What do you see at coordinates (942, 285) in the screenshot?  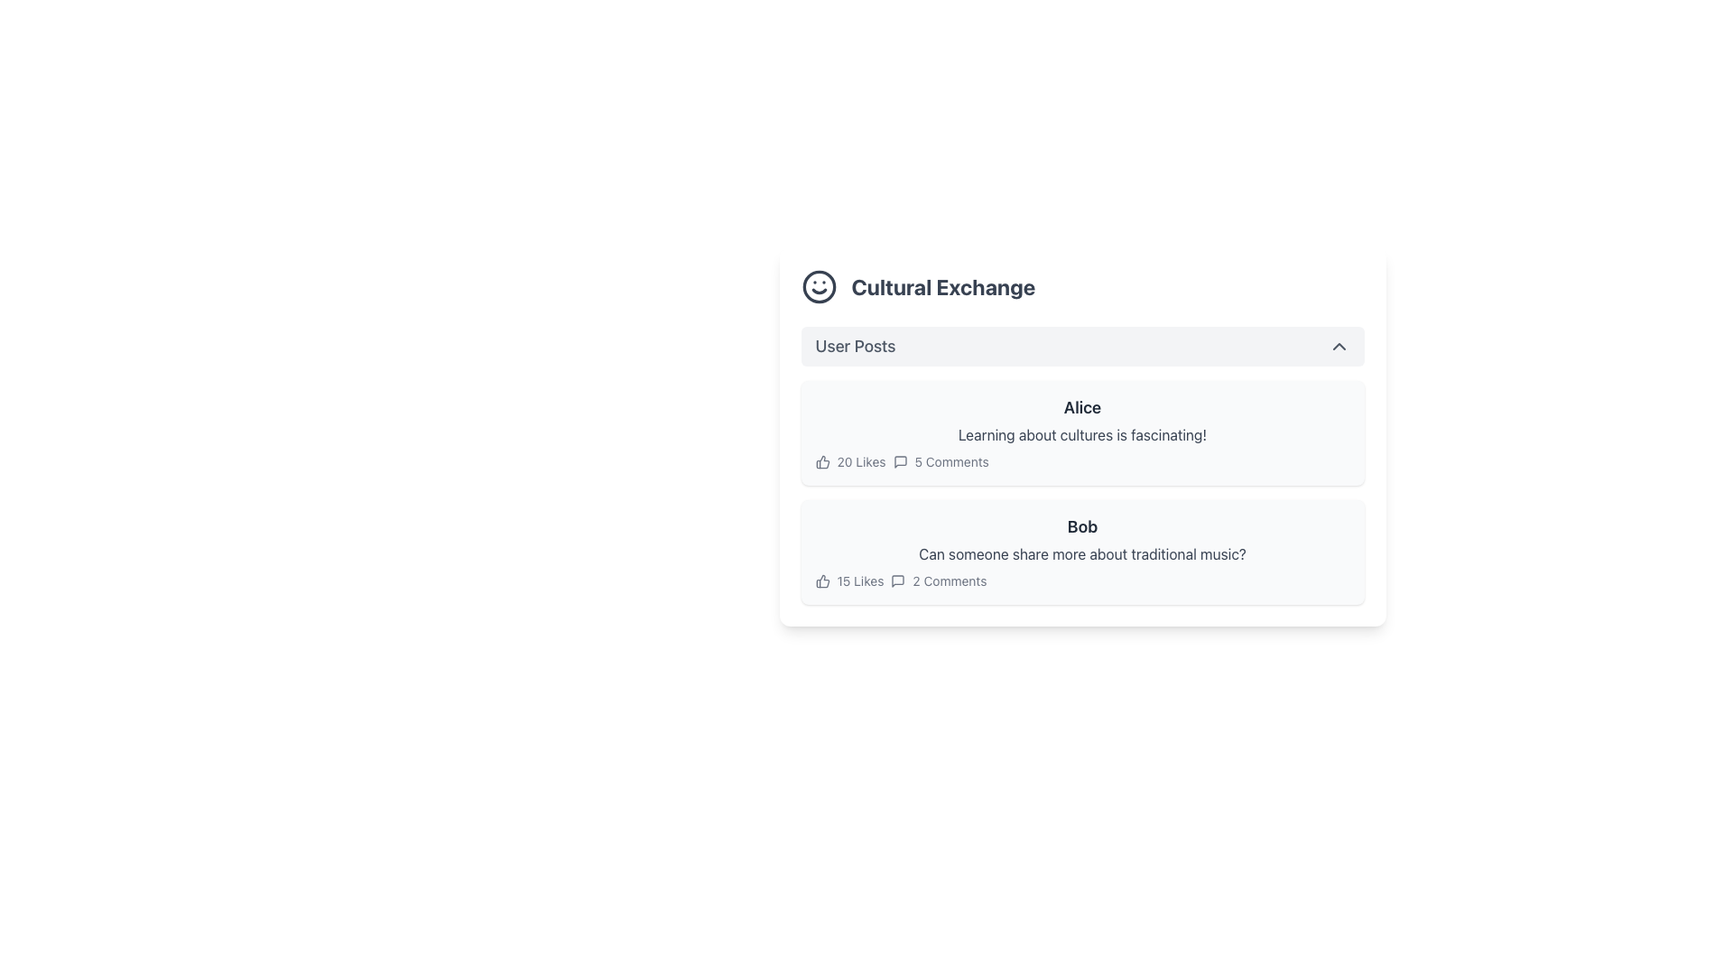 I see `the Text Label that serves as the title or heading for the section, located immediately to the right of the smiling-face icon` at bounding box center [942, 285].